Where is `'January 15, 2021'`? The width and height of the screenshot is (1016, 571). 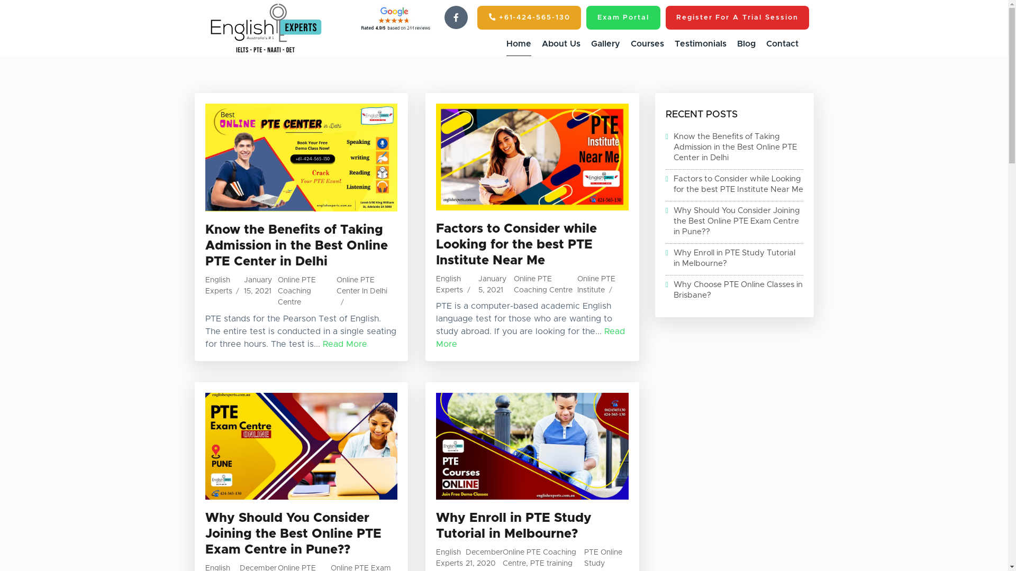 'January 15, 2021' is located at coordinates (258, 285).